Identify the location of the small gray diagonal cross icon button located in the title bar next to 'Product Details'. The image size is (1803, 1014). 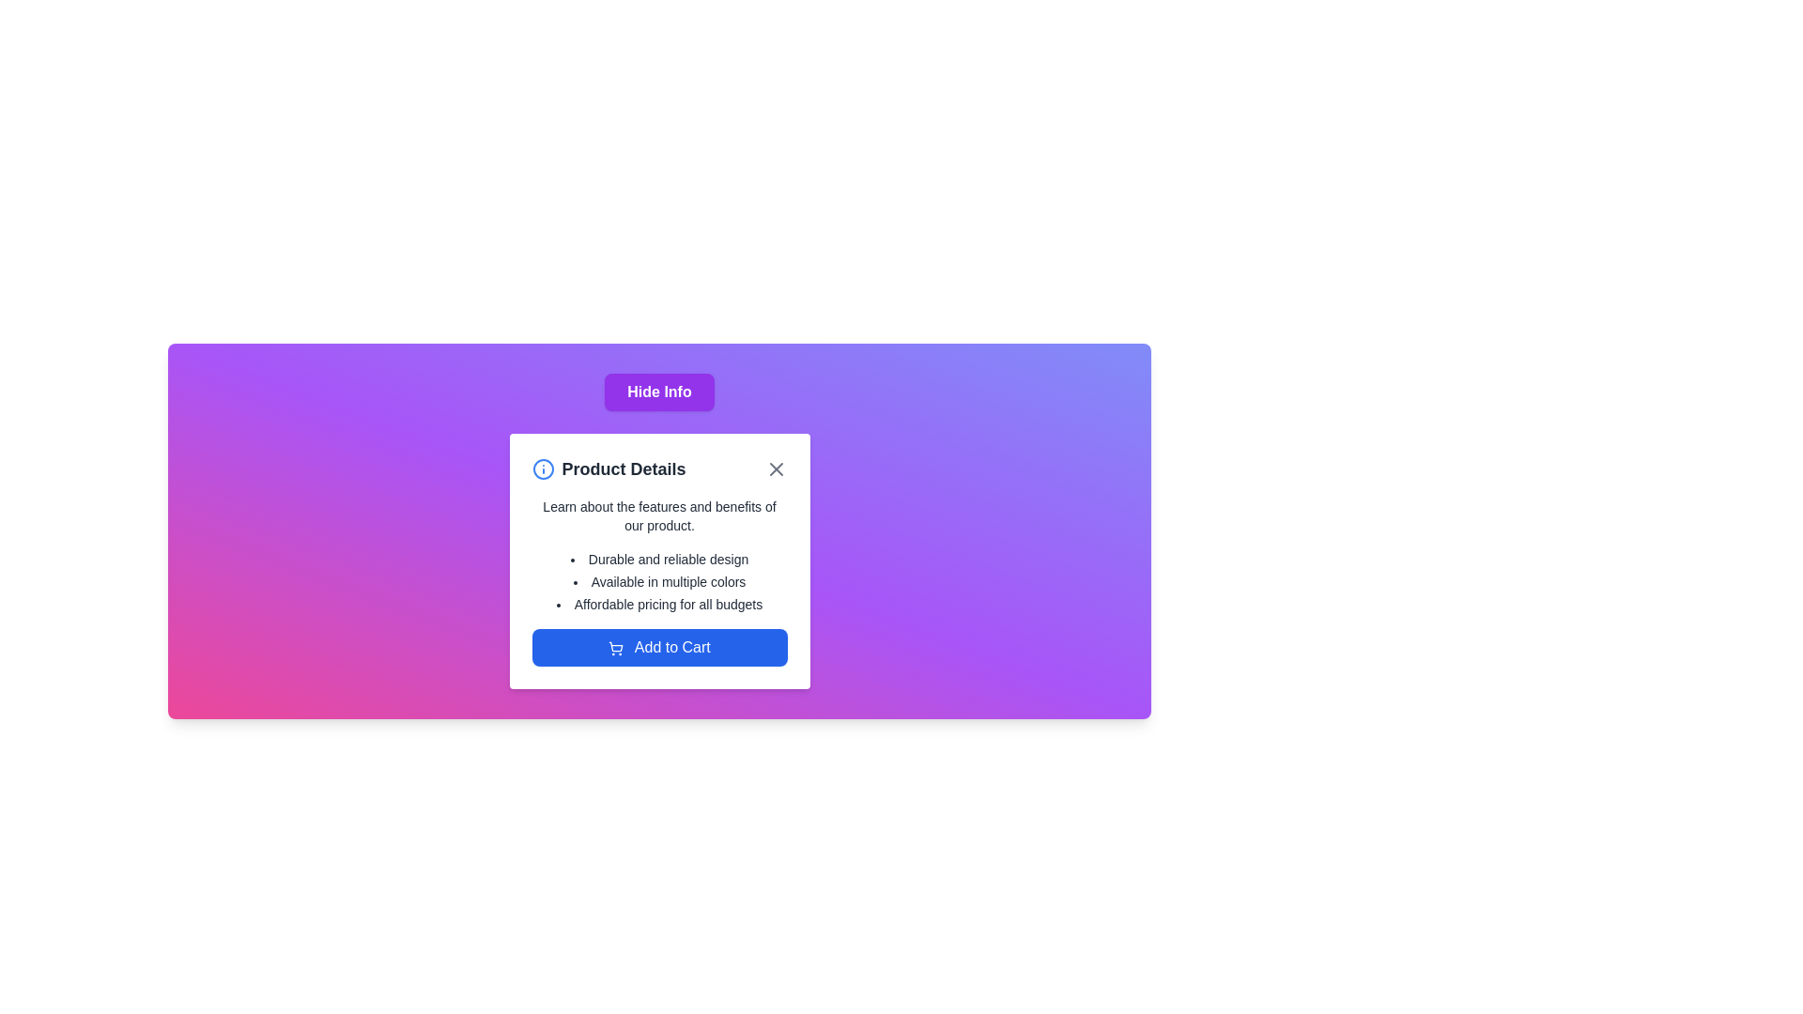
(776, 469).